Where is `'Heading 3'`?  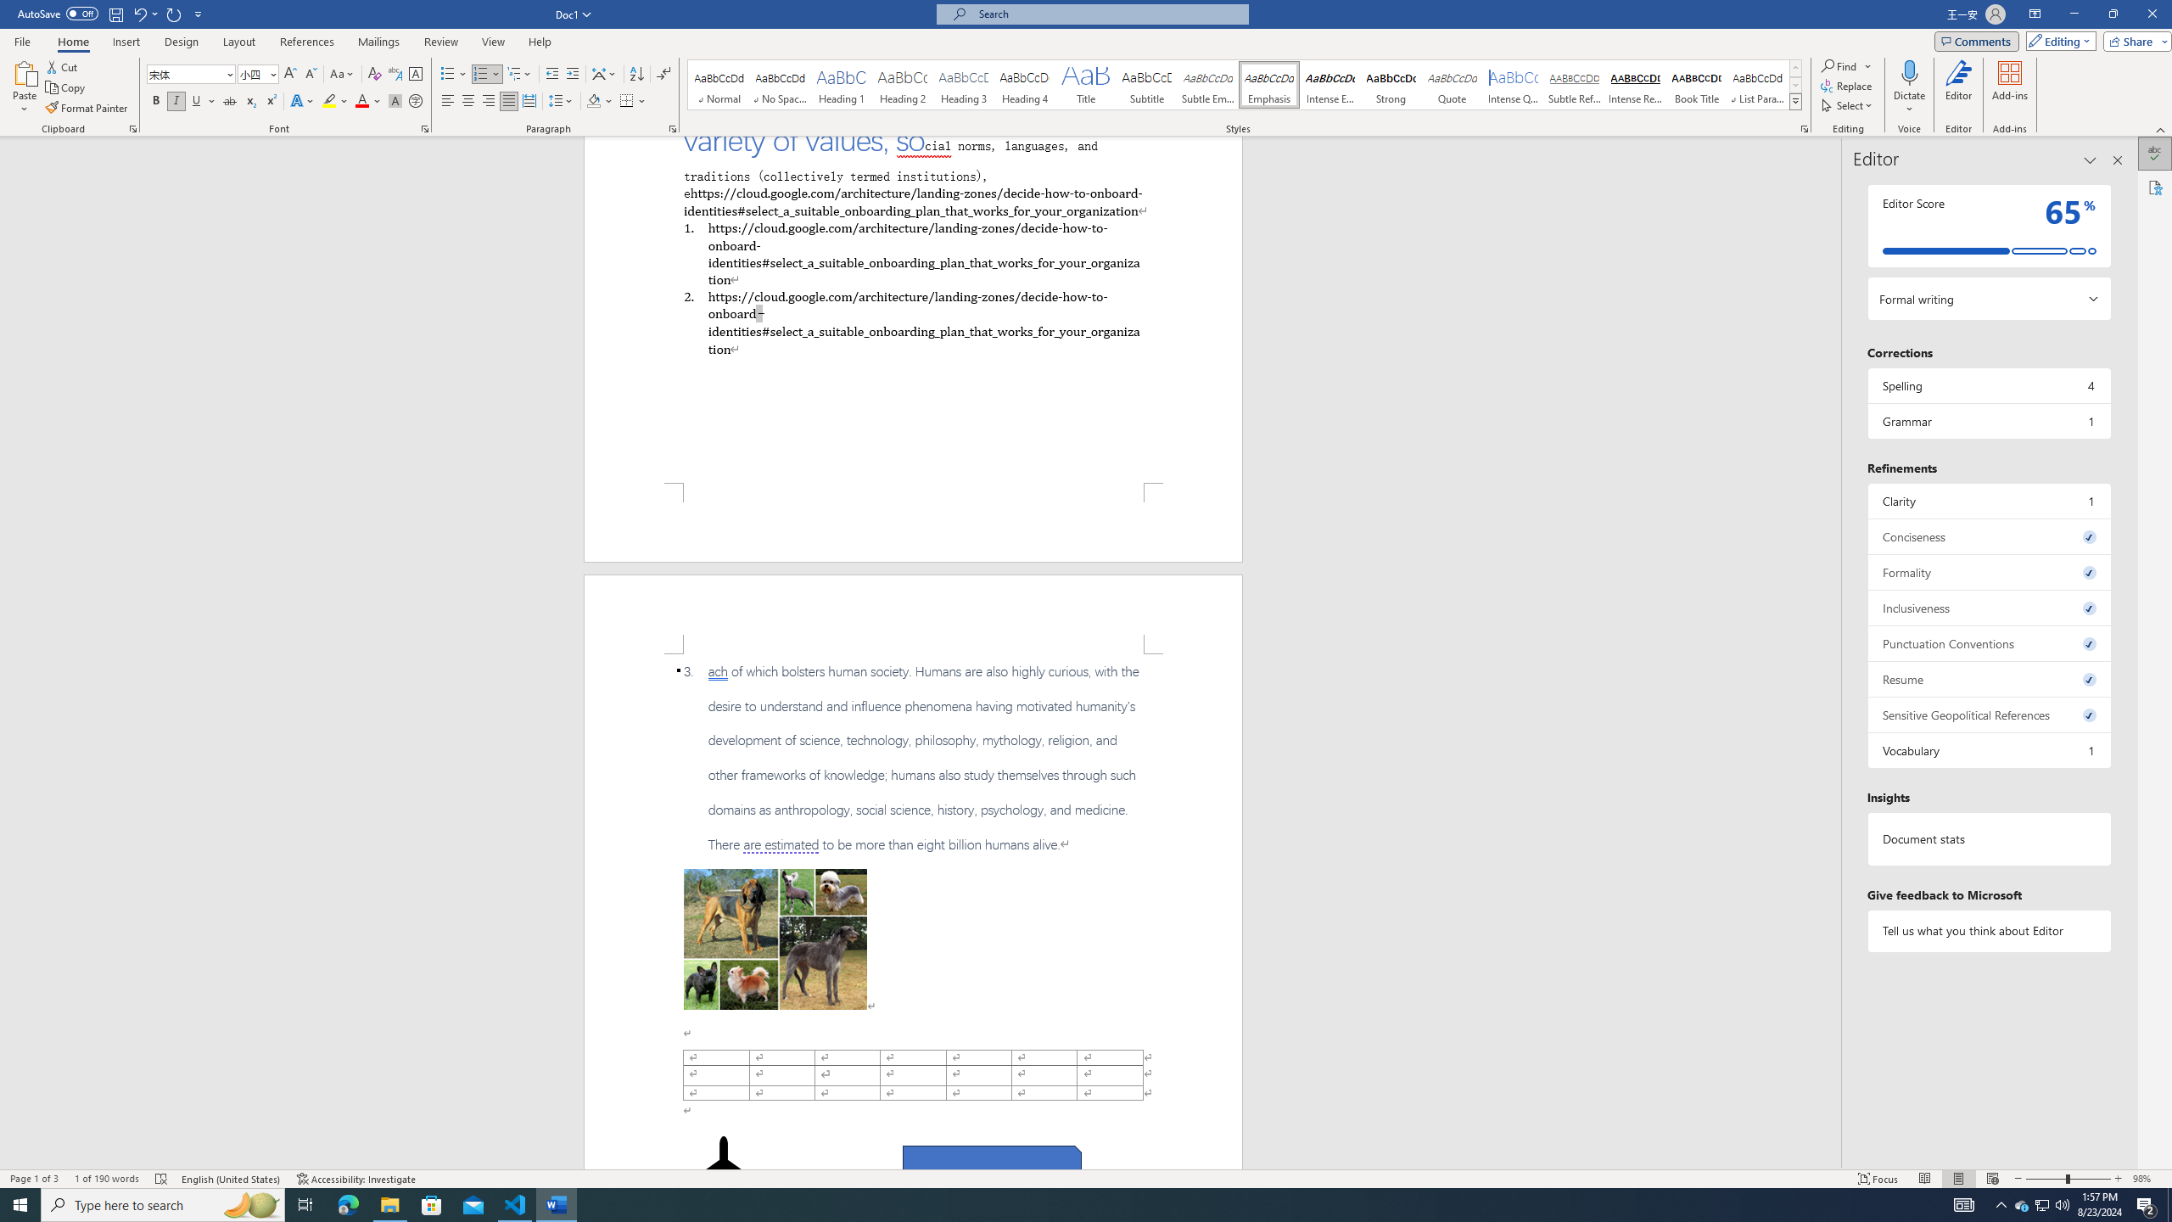
'Heading 3' is located at coordinates (964, 84).